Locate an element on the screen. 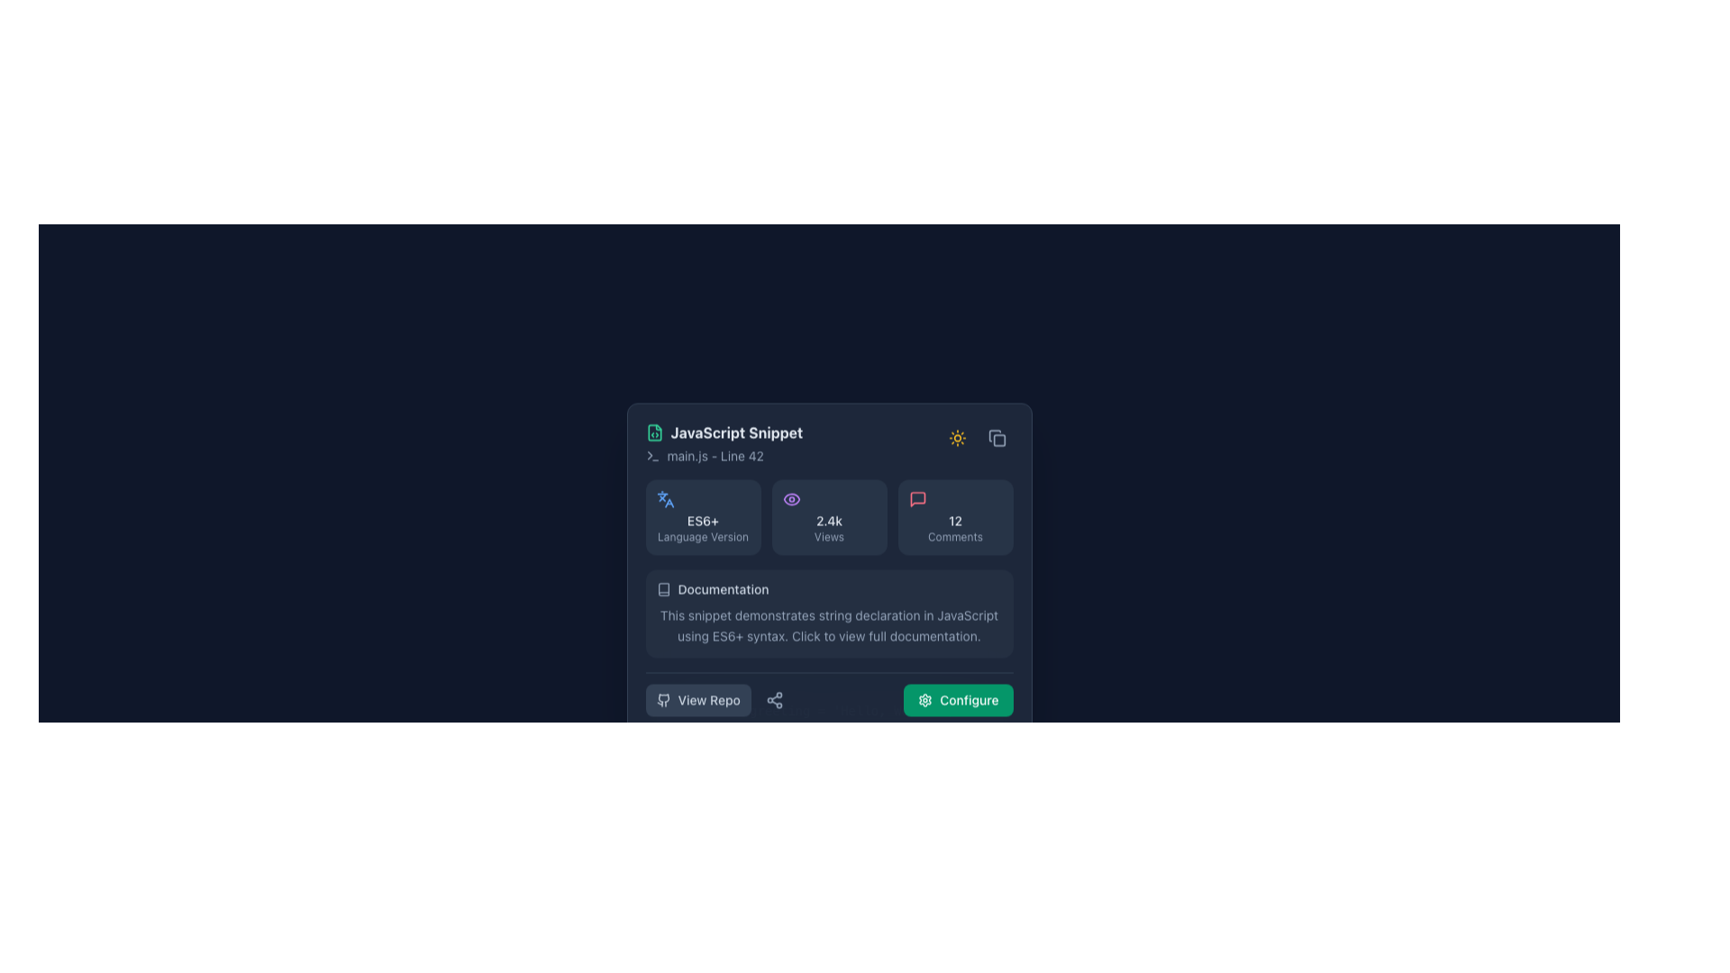 This screenshot has width=1730, height=973. the visual representation of the 'Documentation' icon, which is located in the middle section of the interface, slightly towards the left, alongside the label 'Documentation' is located at coordinates (662, 589).